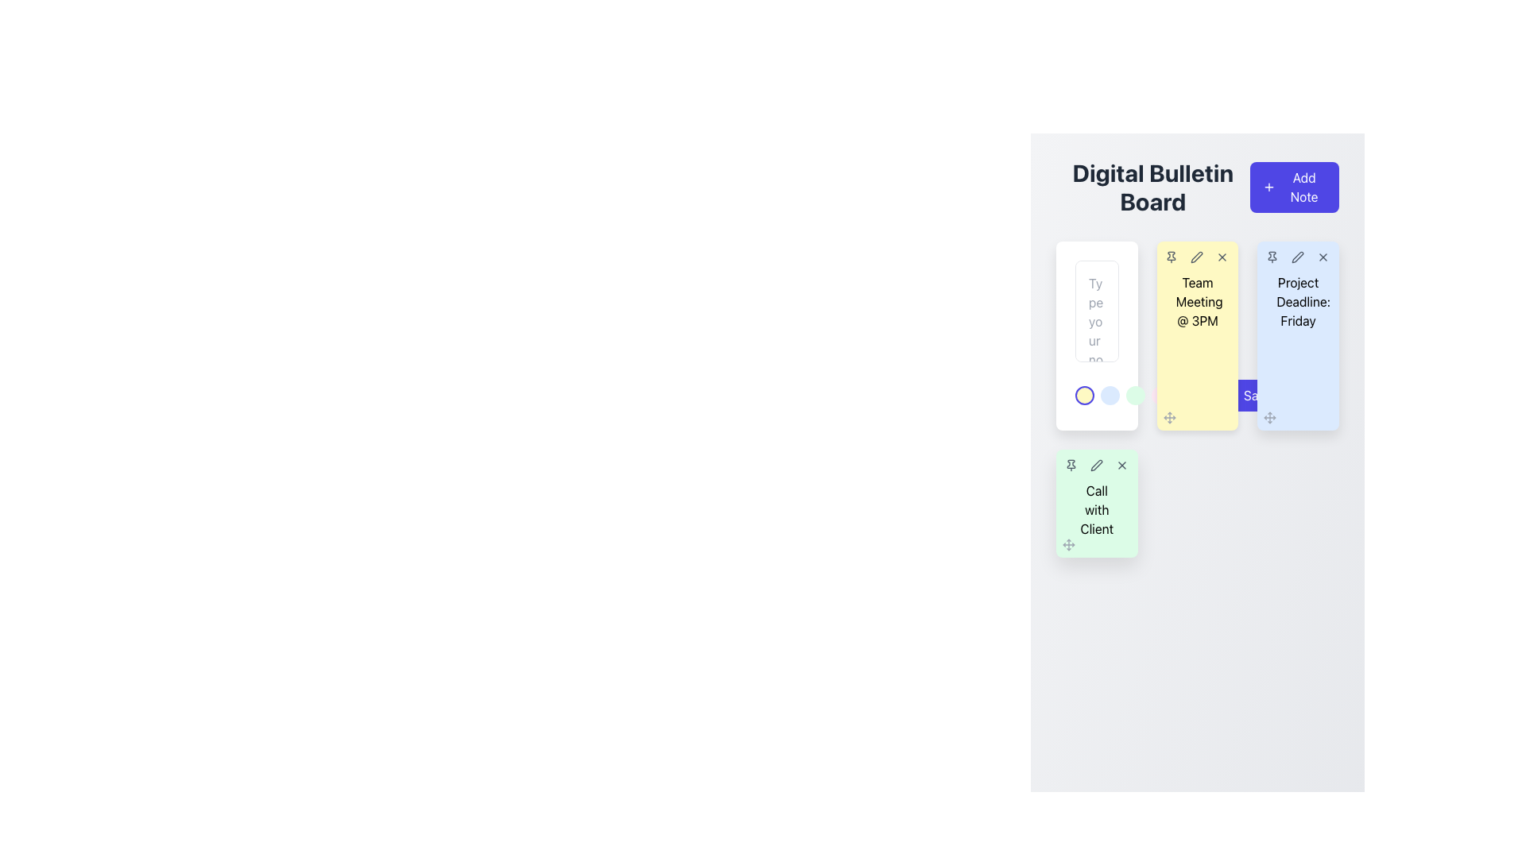 The height and width of the screenshot is (858, 1526). Describe the element at coordinates (1095, 465) in the screenshot. I see `the edit icon button resembling a pen located in the top-right corner of the light green card labeled 'Call with Client' to initiate editing` at that location.